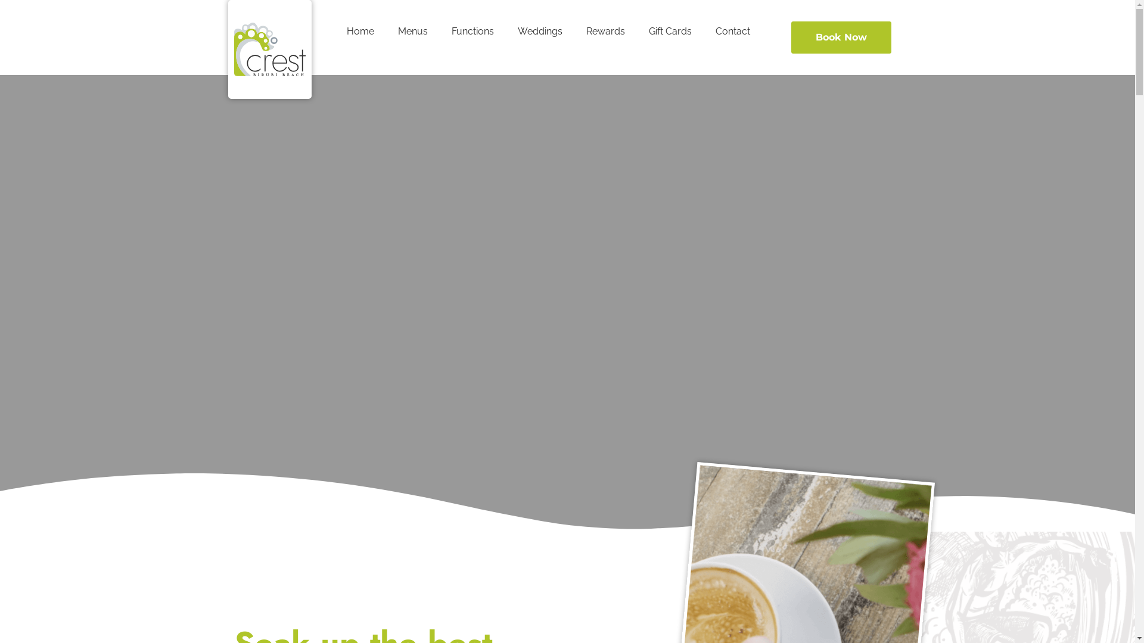 This screenshot has height=643, width=1144. Describe the element at coordinates (732, 31) in the screenshot. I see `'Contact'` at that location.